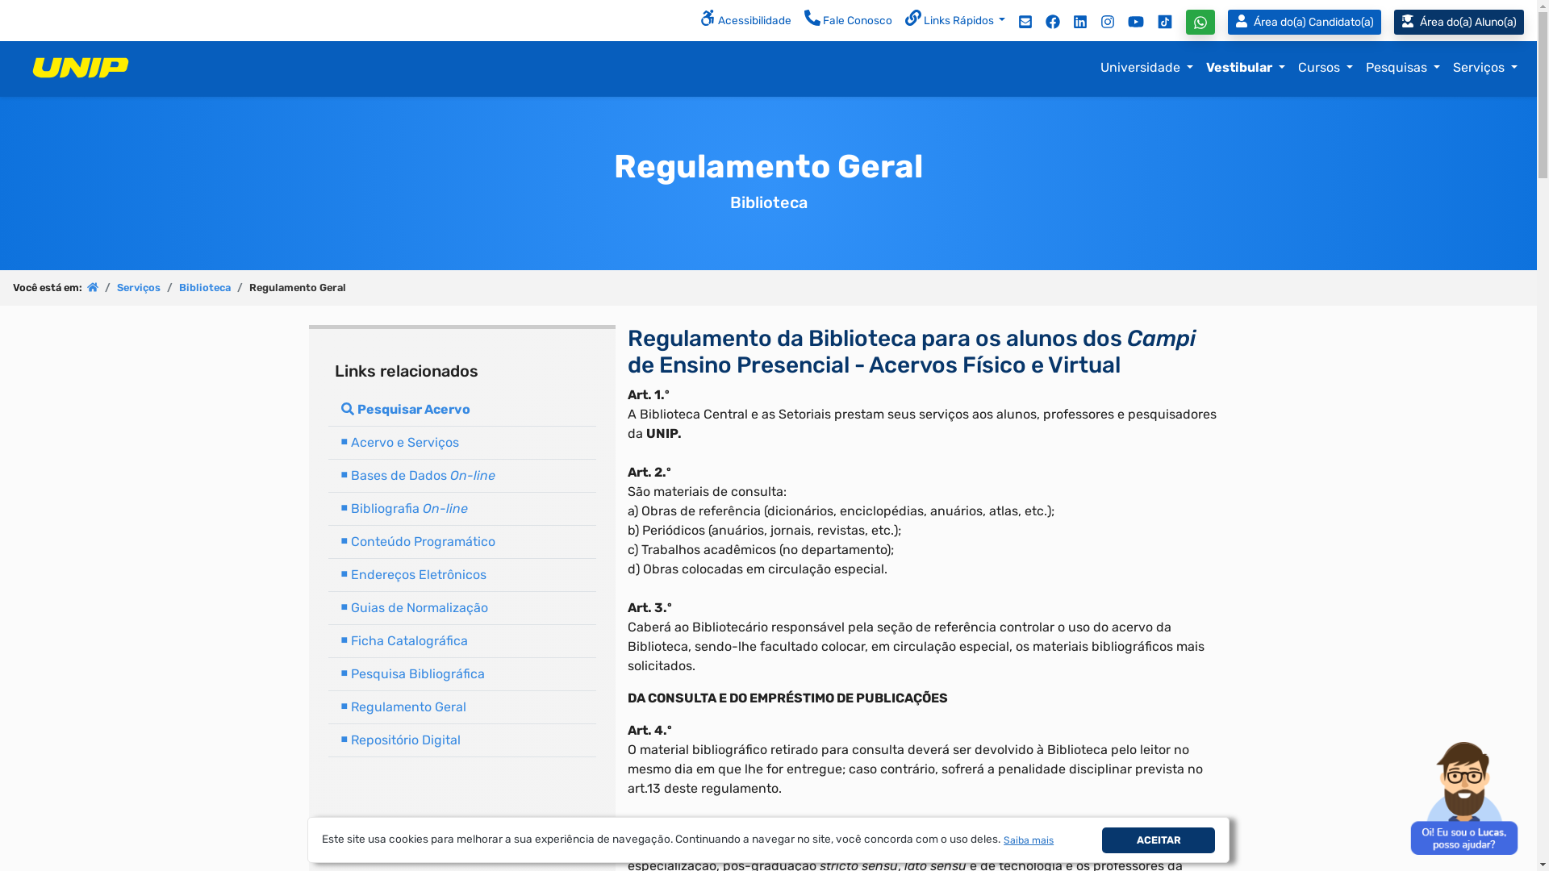  Describe the element at coordinates (1325, 67) in the screenshot. I see `'Cursos'` at that location.